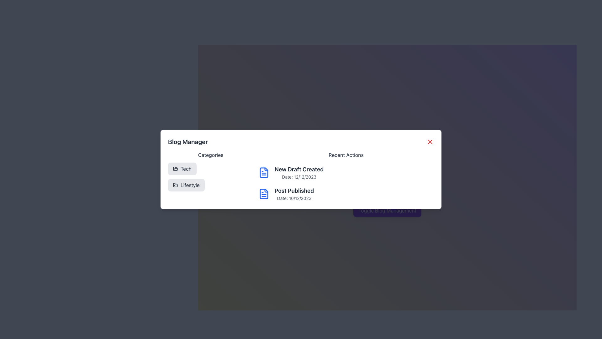 This screenshot has height=339, width=602. What do you see at coordinates (299, 177) in the screenshot?
I see `the text label displaying the date 'Date: 12/12/2023', which is styled in a small, light gray font and located below the title 'New Draft Created' in the 'Recent Actions' section` at bounding box center [299, 177].